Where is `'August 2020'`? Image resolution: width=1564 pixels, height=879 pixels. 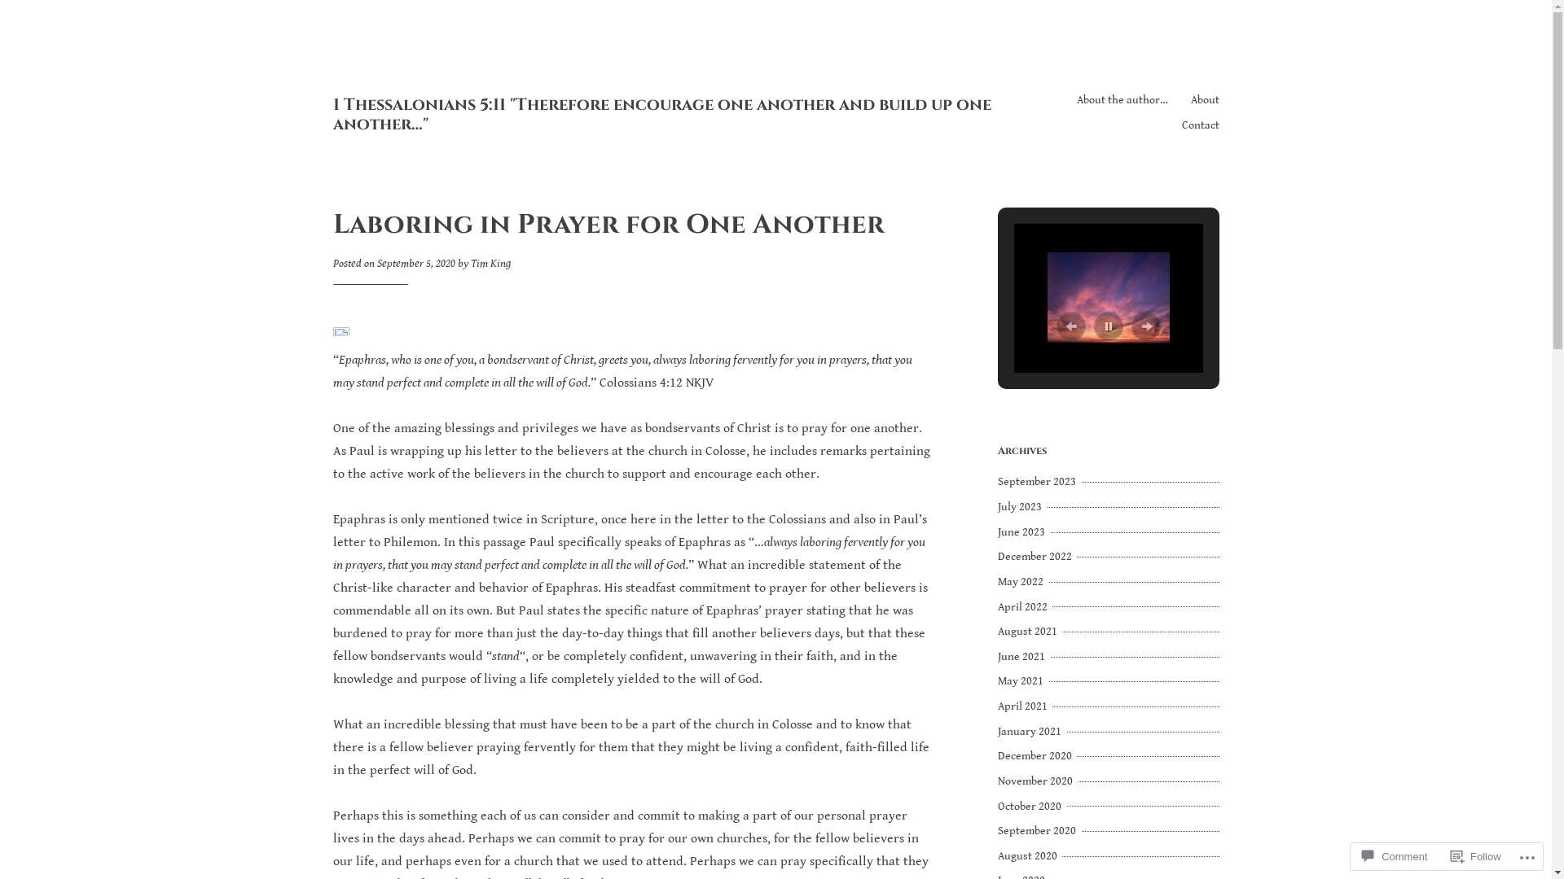 'August 2020' is located at coordinates (1028, 855).